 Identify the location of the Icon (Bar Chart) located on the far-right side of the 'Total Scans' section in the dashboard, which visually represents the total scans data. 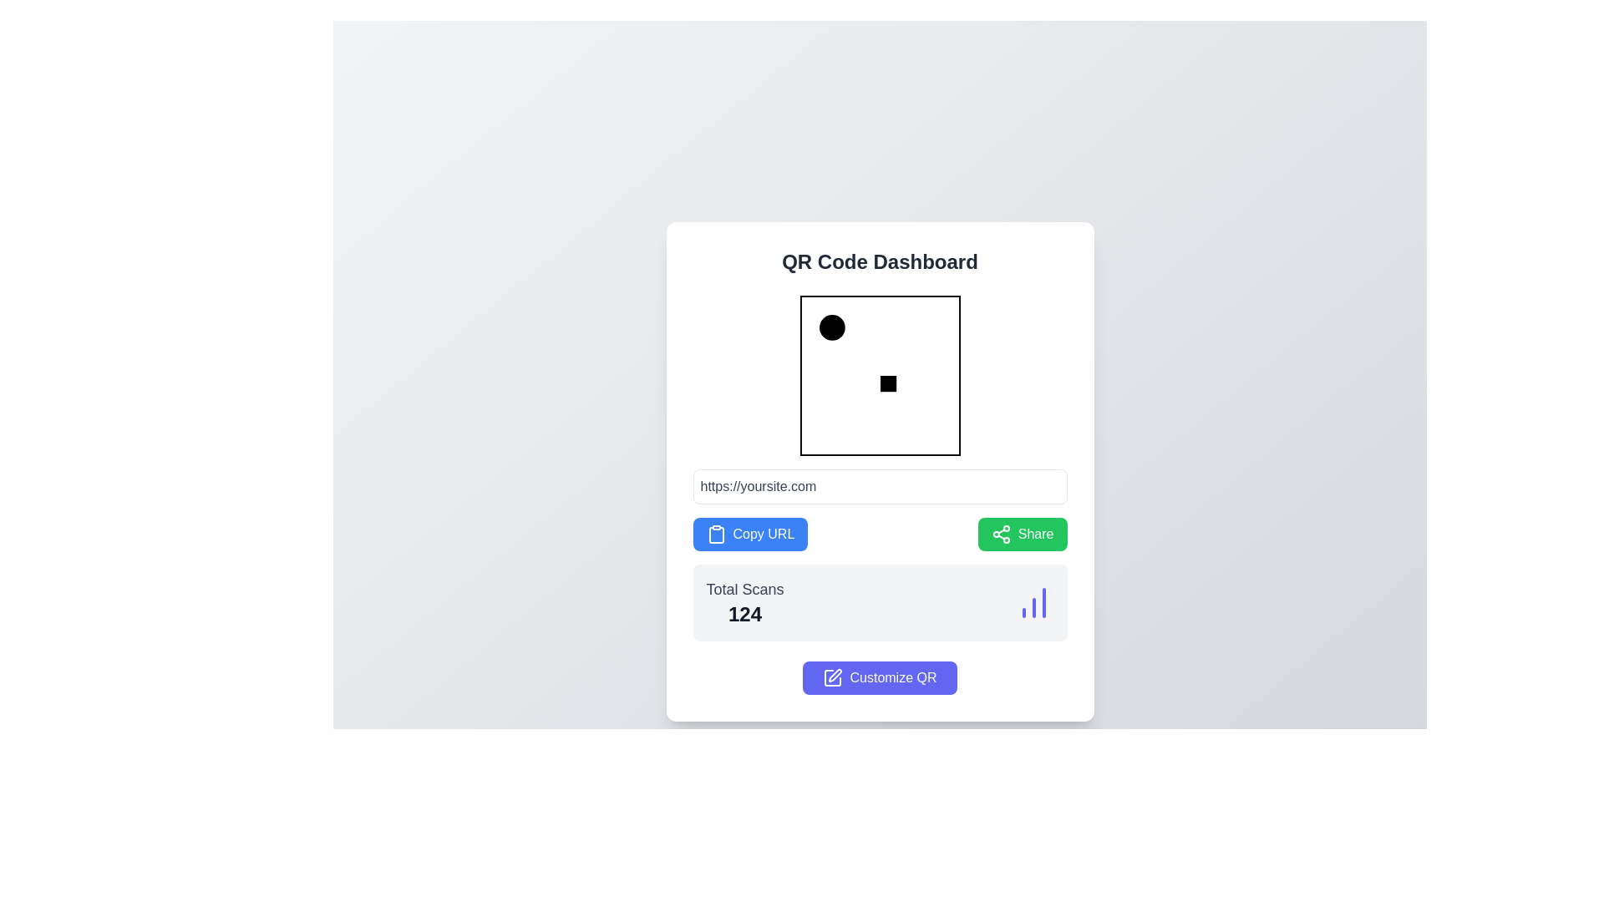
(1033, 602).